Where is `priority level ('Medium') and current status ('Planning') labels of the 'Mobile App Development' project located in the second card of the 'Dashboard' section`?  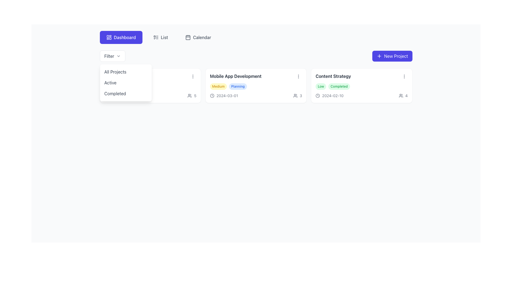
priority level ('Medium') and current status ('Planning') labels of the 'Mobile App Development' project located in the second card of the 'Dashboard' section is located at coordinates (256, 86).